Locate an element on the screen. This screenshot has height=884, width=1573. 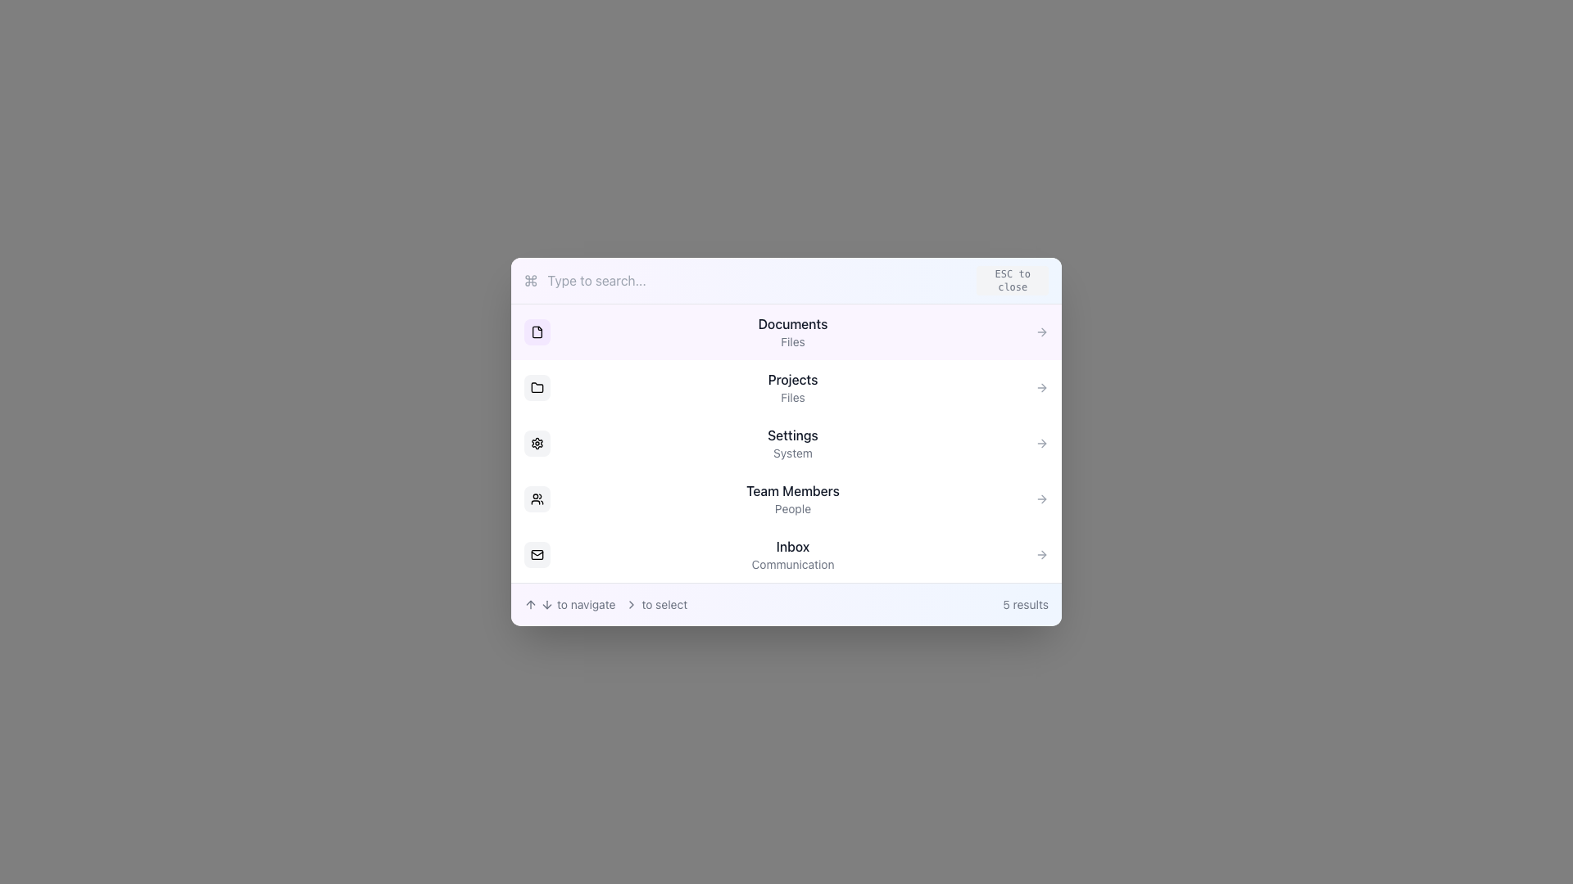
the 'Projects' text label within the navigation menu for keyboard navigation is located at coordinates (793, 388).